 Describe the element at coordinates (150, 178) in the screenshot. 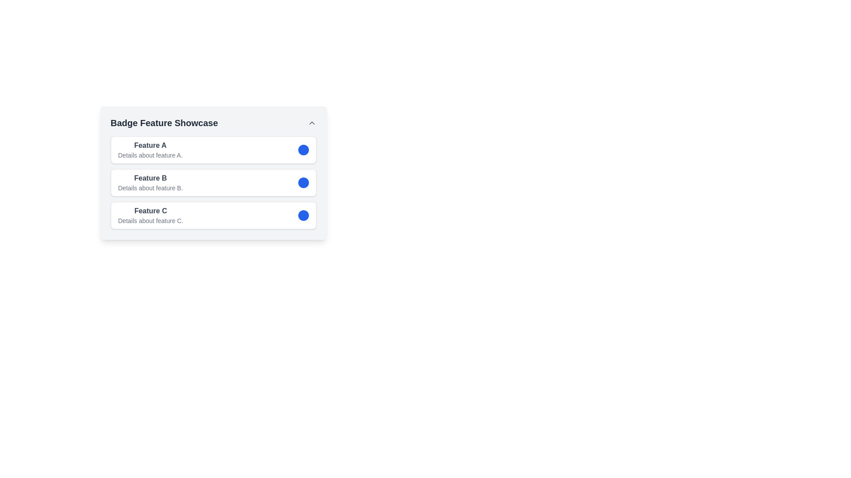

I see `the text label 'Feature B' which is styled in bold gray font and is the top text component of the middle list item in the 'Badge Feature Showcase' section` at that location.